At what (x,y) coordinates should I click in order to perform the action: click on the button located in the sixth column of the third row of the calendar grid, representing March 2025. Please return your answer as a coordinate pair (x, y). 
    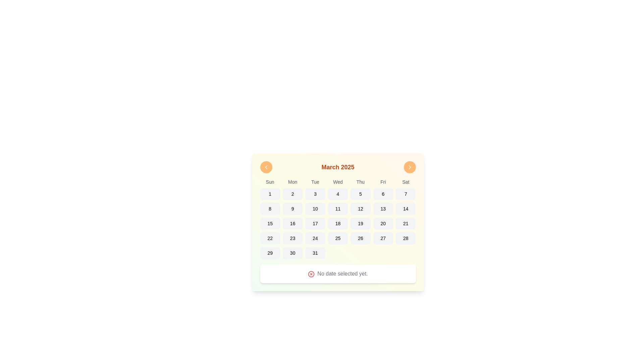
    Looking at the image, I should click on (383, 208).